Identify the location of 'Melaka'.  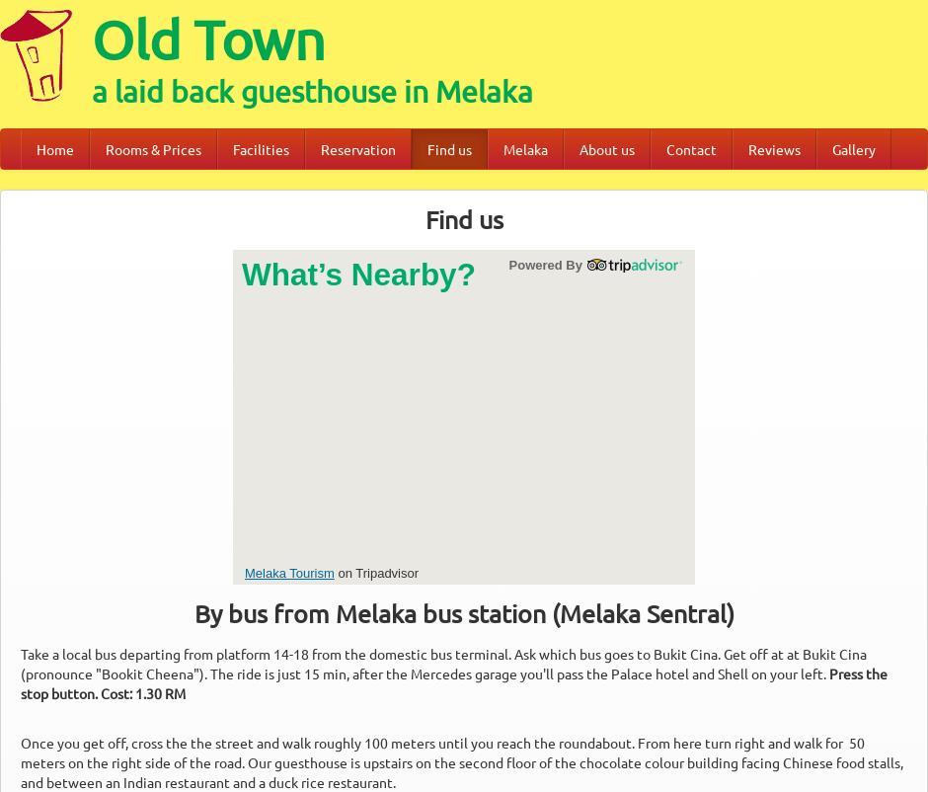
(524, 148).